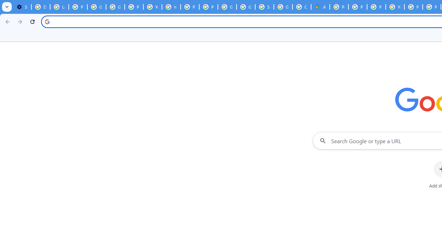 This screenshot has width=442, height=249. What do you see at coordinates (339, 7) in the screenshot?
I see `'Policy Accountability and Transparency - Transparency Center'` at bounding box center [339, 7].